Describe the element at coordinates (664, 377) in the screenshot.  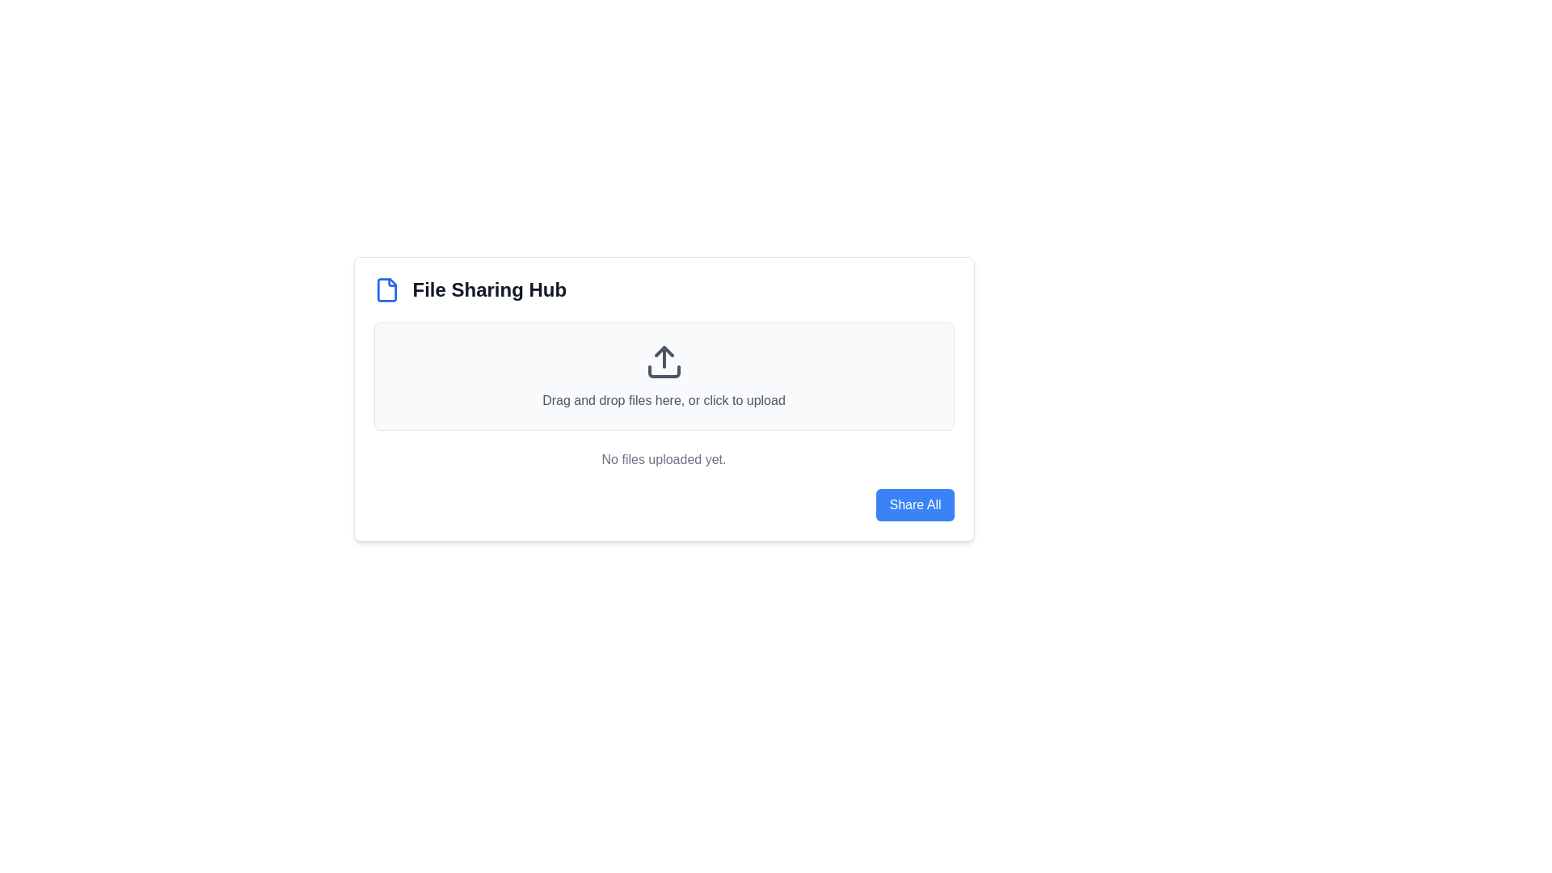
I see `the File upload drag-and-drop area, which features a light gray background, a central upload icon, and the text 'Drag and drop files here, or click to upload' below it` at that location.